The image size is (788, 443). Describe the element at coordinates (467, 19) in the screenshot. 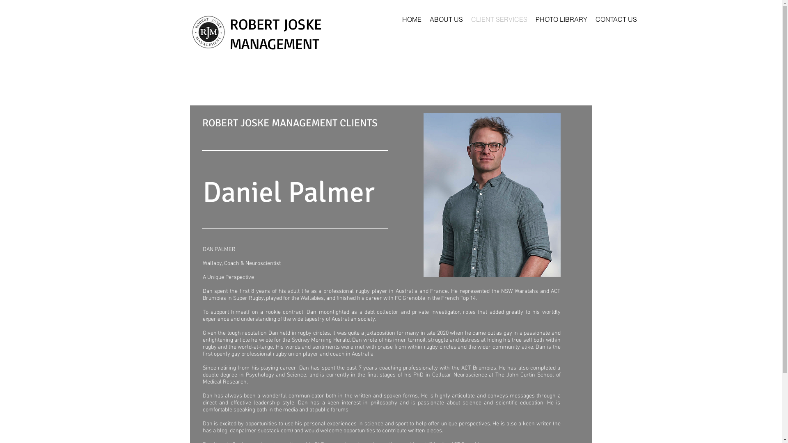

I see `'CLIENT SERVICES'` at that location.